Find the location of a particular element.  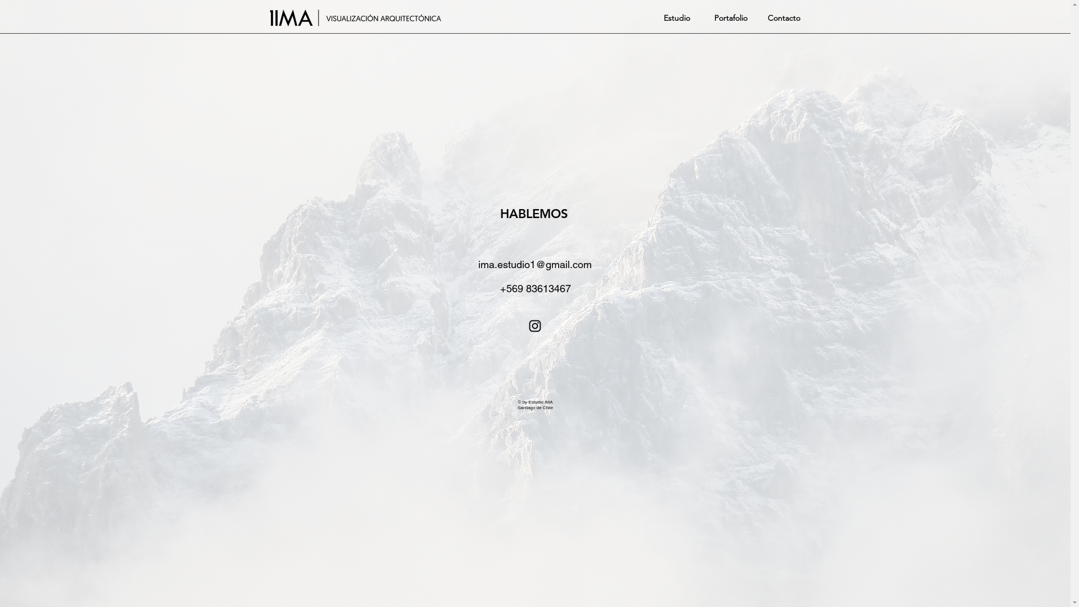

'Estudio' is located at coordinates (674, 18).